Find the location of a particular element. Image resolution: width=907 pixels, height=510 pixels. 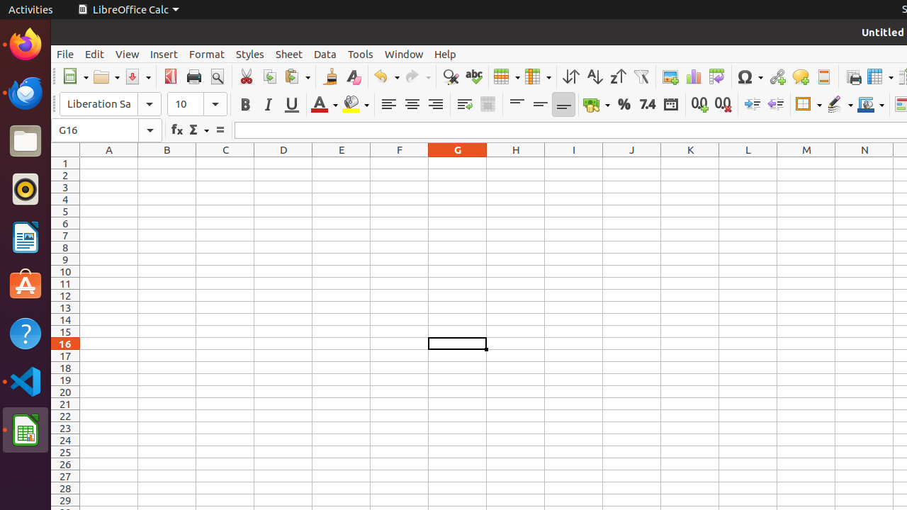

'Format' is located at coordinates (205, 53).